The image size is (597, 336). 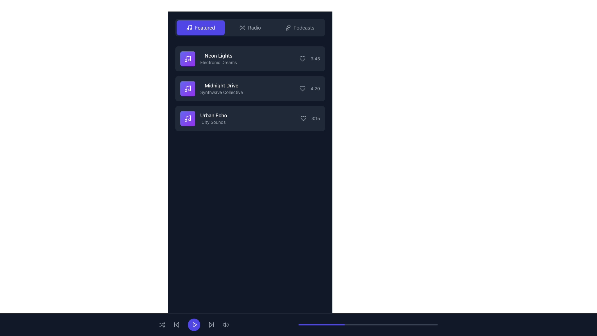 What do you see at coordinates (303, 59) in the screenshot?
I see `the heart icon button that allows users to favorite or like the corresponding music track` at bounding box center [303, 59].